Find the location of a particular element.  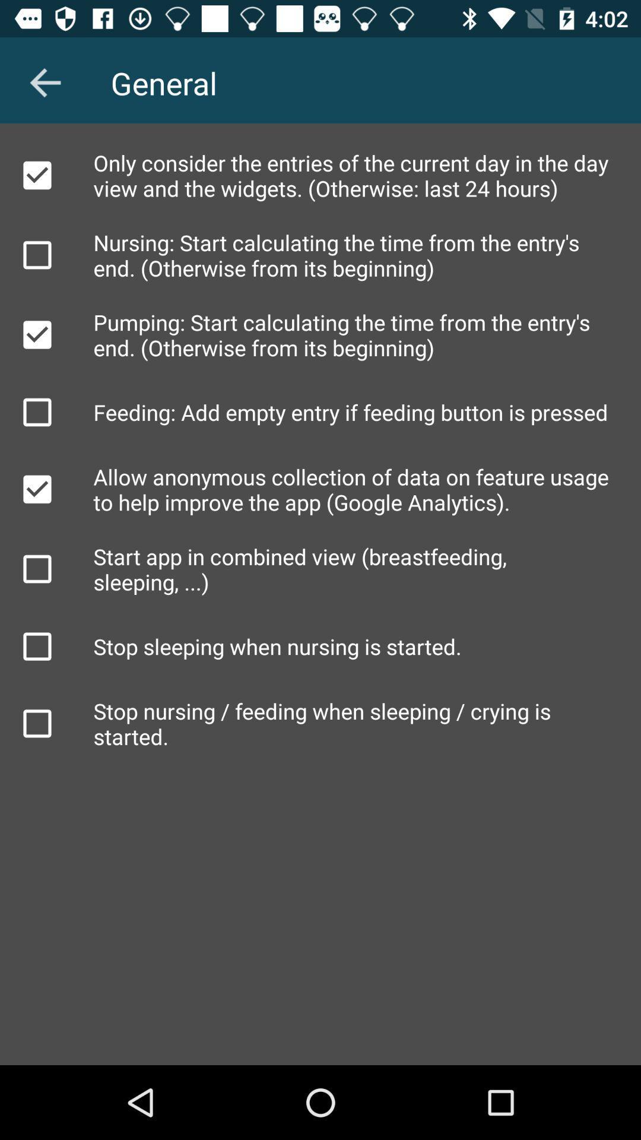

the item next to the general item is located at coordinates (45, 82).